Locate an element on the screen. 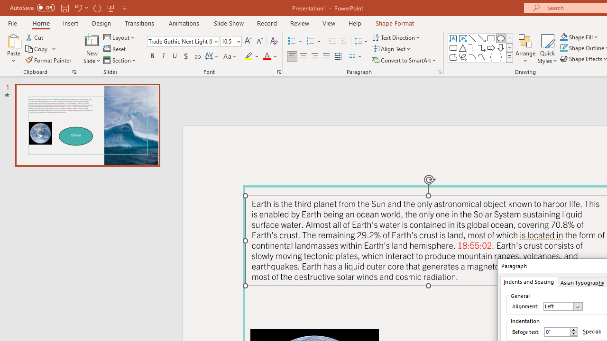 The height and width of the screenshot is (341, 607). 'Shape Outline Teal, Accent 1' is located at coordinates (564, 48).